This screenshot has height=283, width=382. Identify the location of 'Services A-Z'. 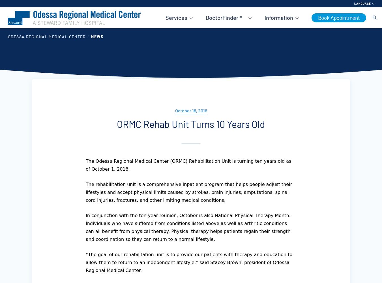
(122, 43).